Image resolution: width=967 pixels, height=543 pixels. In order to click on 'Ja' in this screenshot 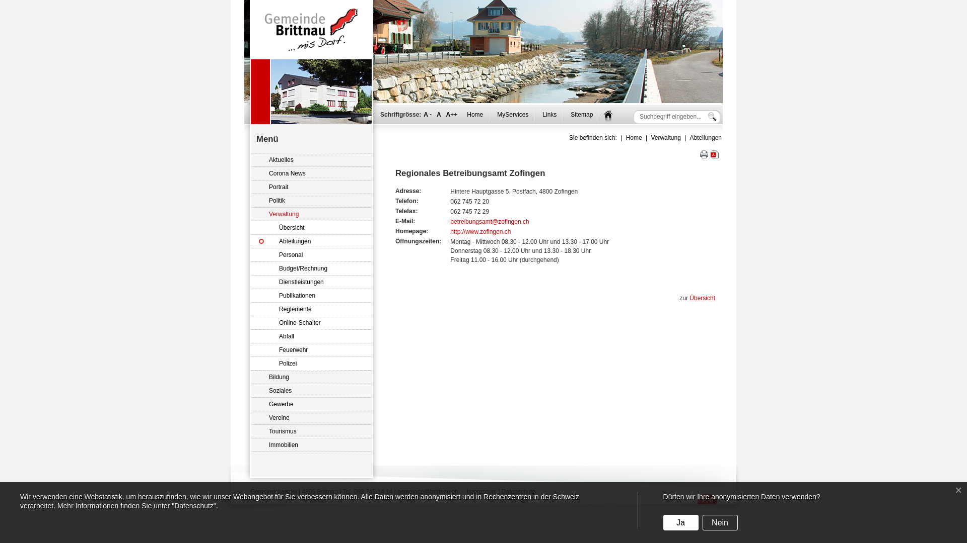, I will do `click(681, 522)`.